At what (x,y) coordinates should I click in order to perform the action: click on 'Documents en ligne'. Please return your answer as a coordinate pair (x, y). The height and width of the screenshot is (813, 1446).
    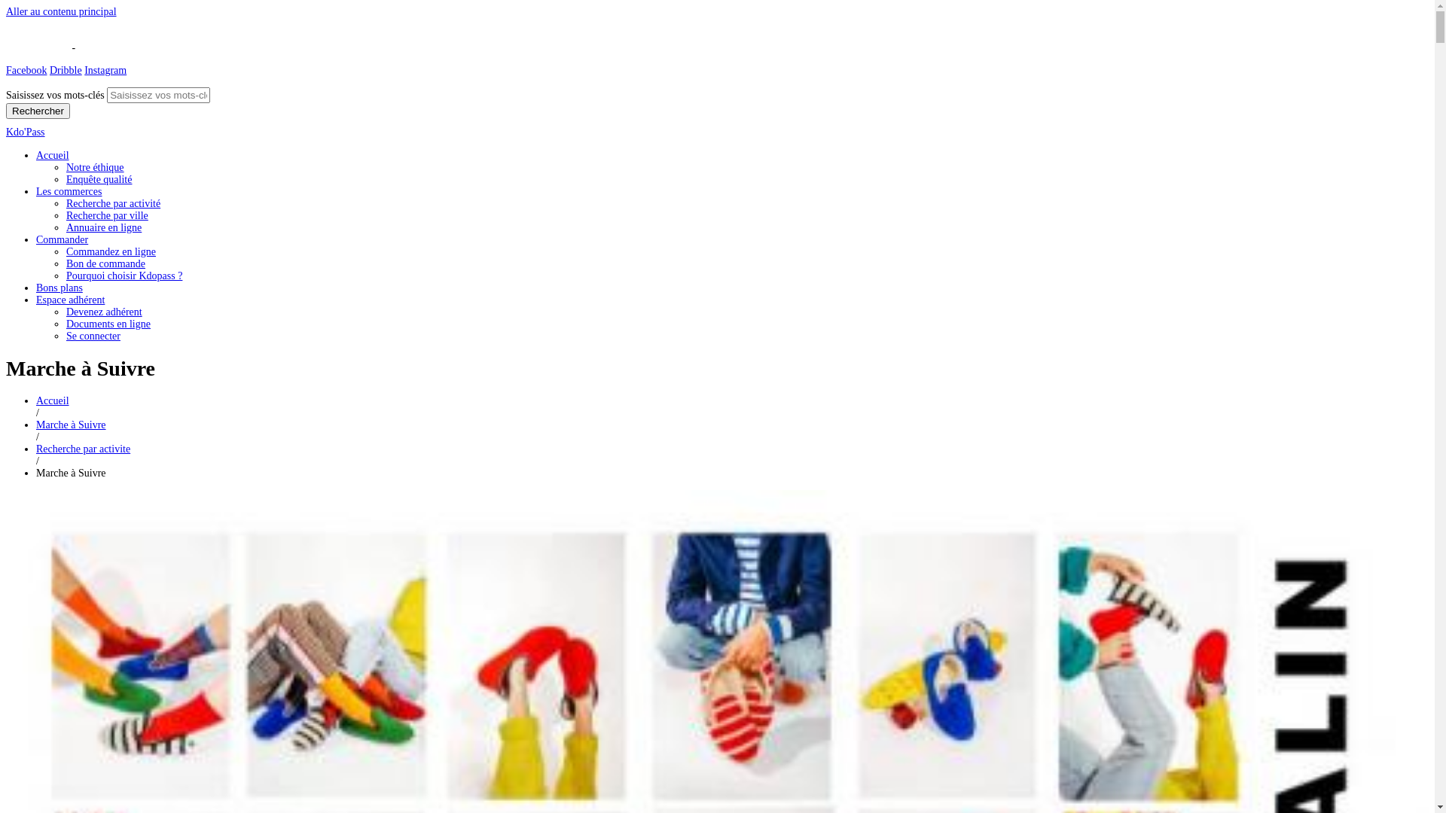
    Looking at the image, I should click on (108, 323).